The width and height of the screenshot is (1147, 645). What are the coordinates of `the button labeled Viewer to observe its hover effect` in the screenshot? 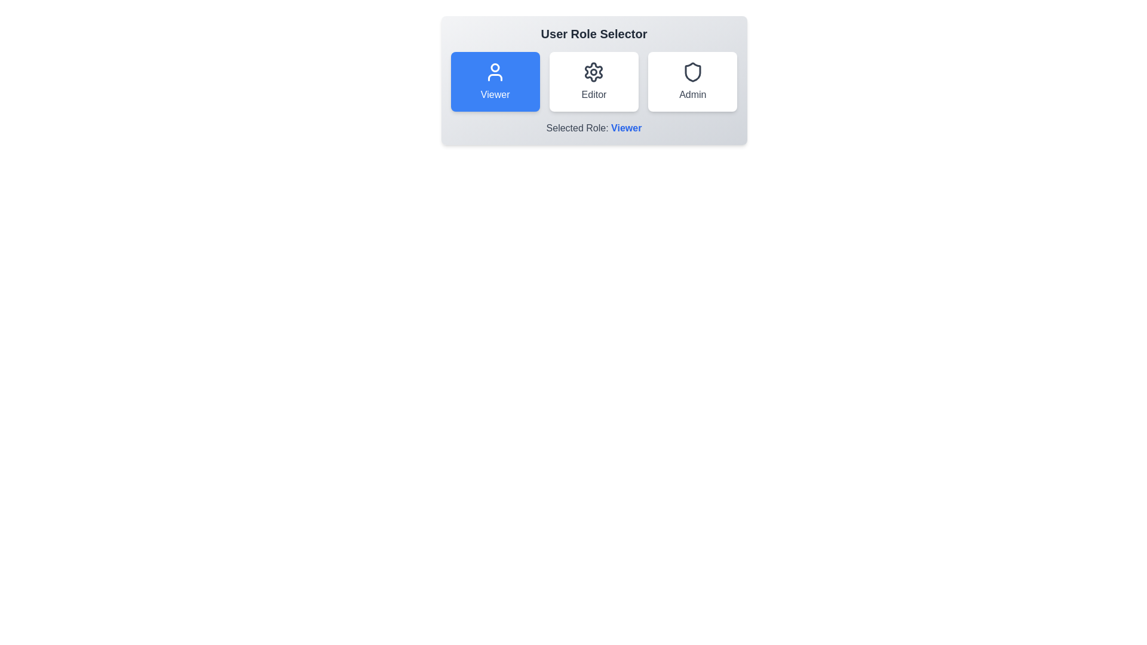 It's located at (495, 81).